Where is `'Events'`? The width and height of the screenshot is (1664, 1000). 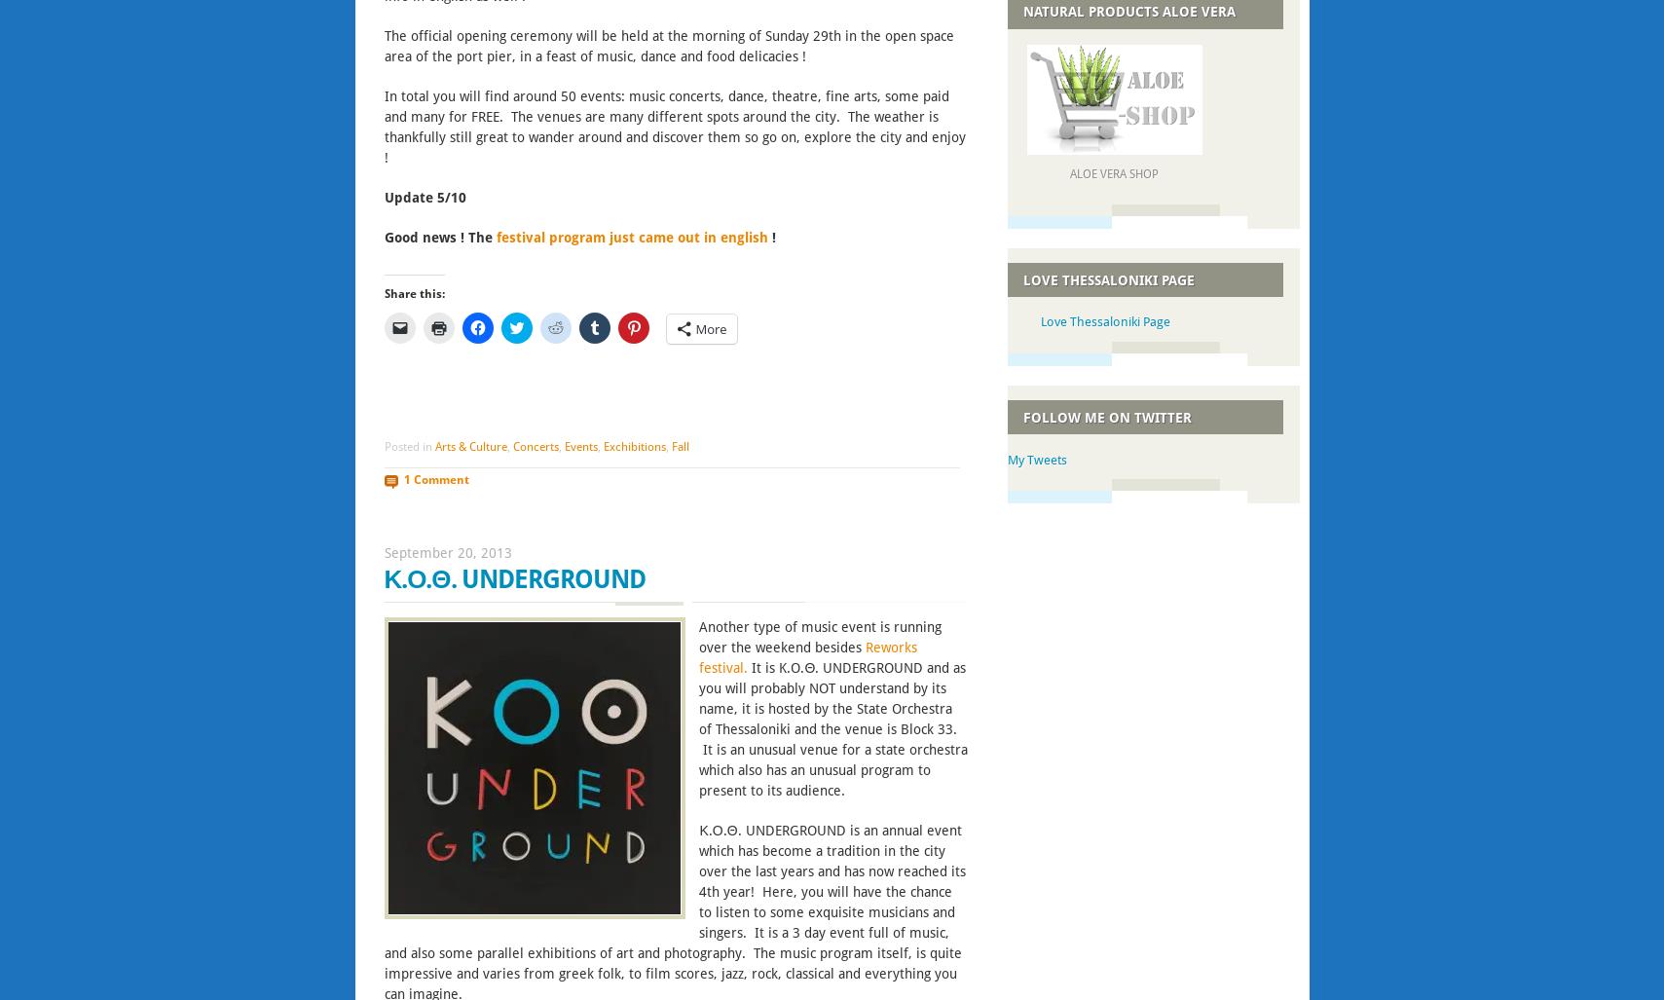
'Events' is located at coordinates (578, 446).